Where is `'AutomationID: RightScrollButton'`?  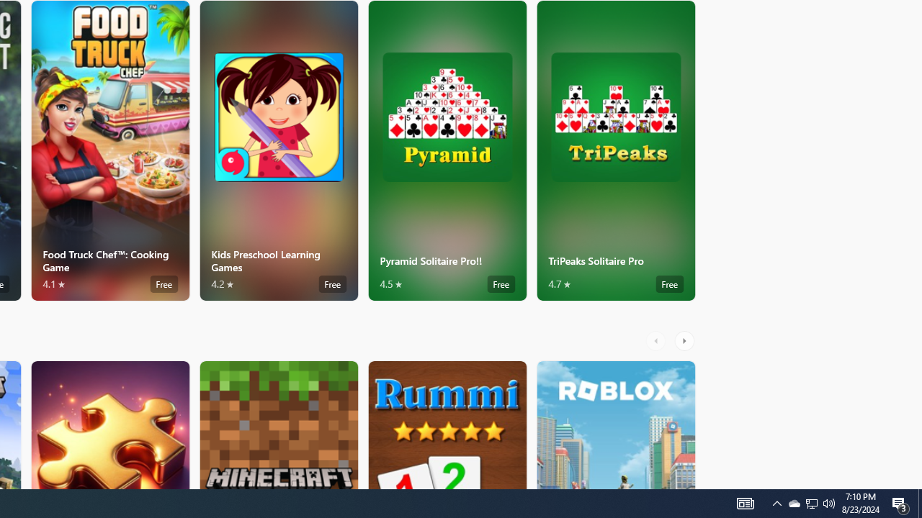
'AutomationID: RightScrollButton' is located at coordinates (685, 340).